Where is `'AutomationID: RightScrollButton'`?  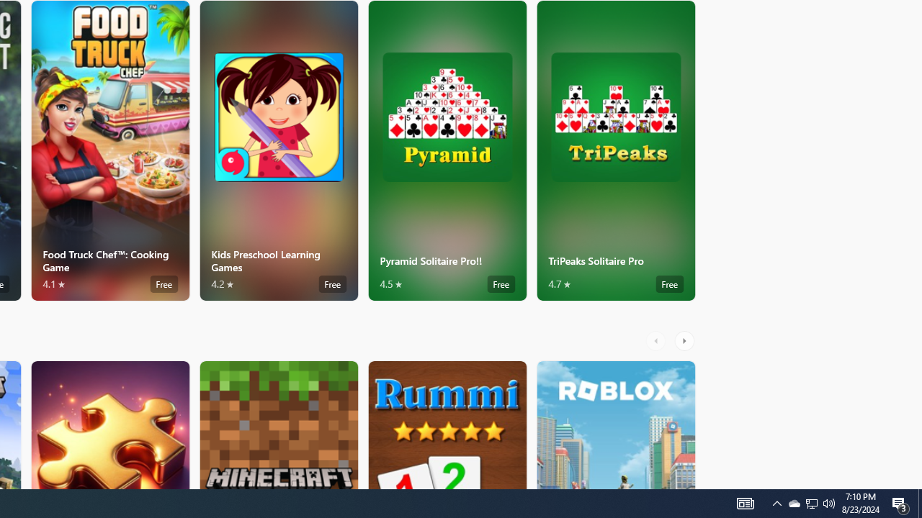
'AutomationID: RightScrollButton' is located at coordinates (685, 340).